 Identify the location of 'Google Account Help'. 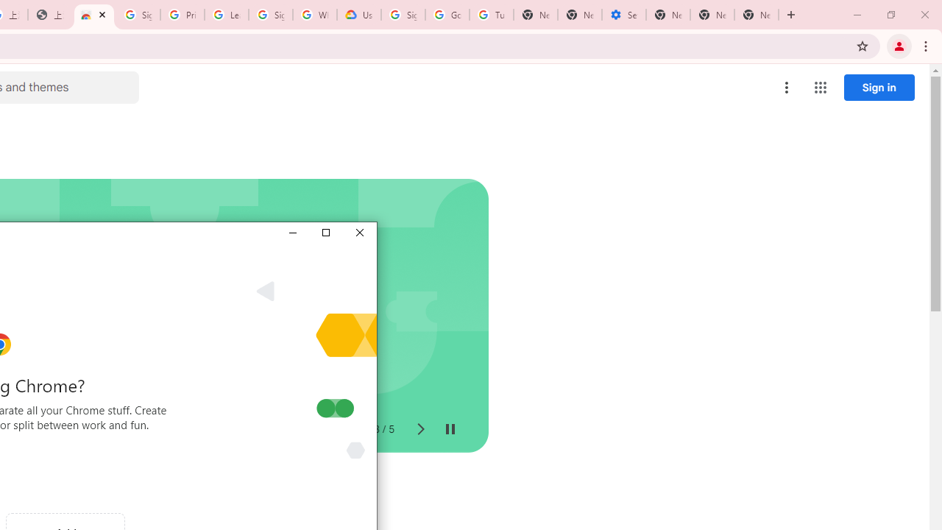
(447, 15).